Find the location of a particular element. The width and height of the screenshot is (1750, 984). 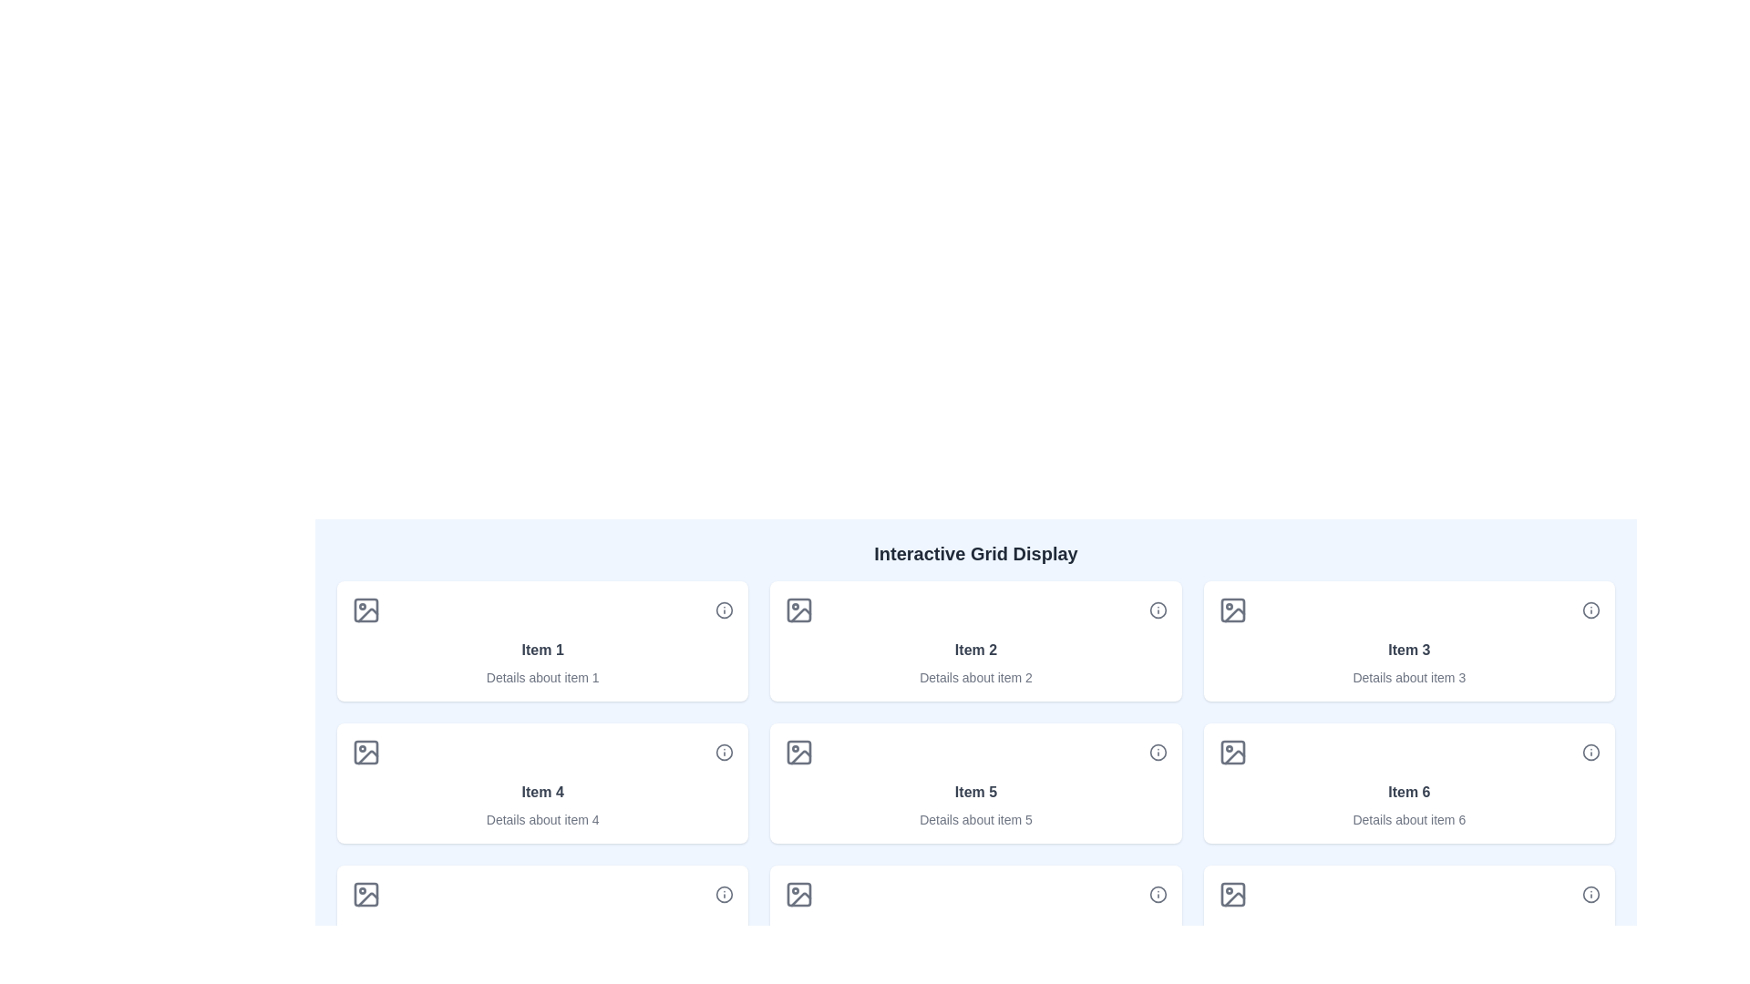

the rounded-corner square inside the image icon located in the second grid cell of the third row in the interactive grid is located at coordinates (799, 894).